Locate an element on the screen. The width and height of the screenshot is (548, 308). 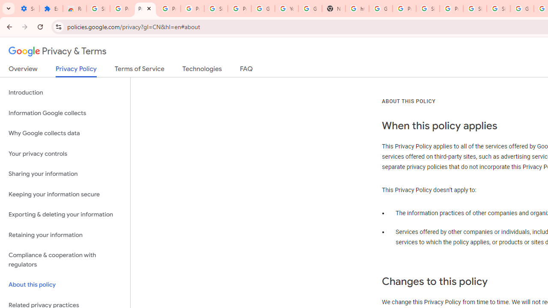
'Sign in - Google Accounts' is located at coordinates (474, 9).